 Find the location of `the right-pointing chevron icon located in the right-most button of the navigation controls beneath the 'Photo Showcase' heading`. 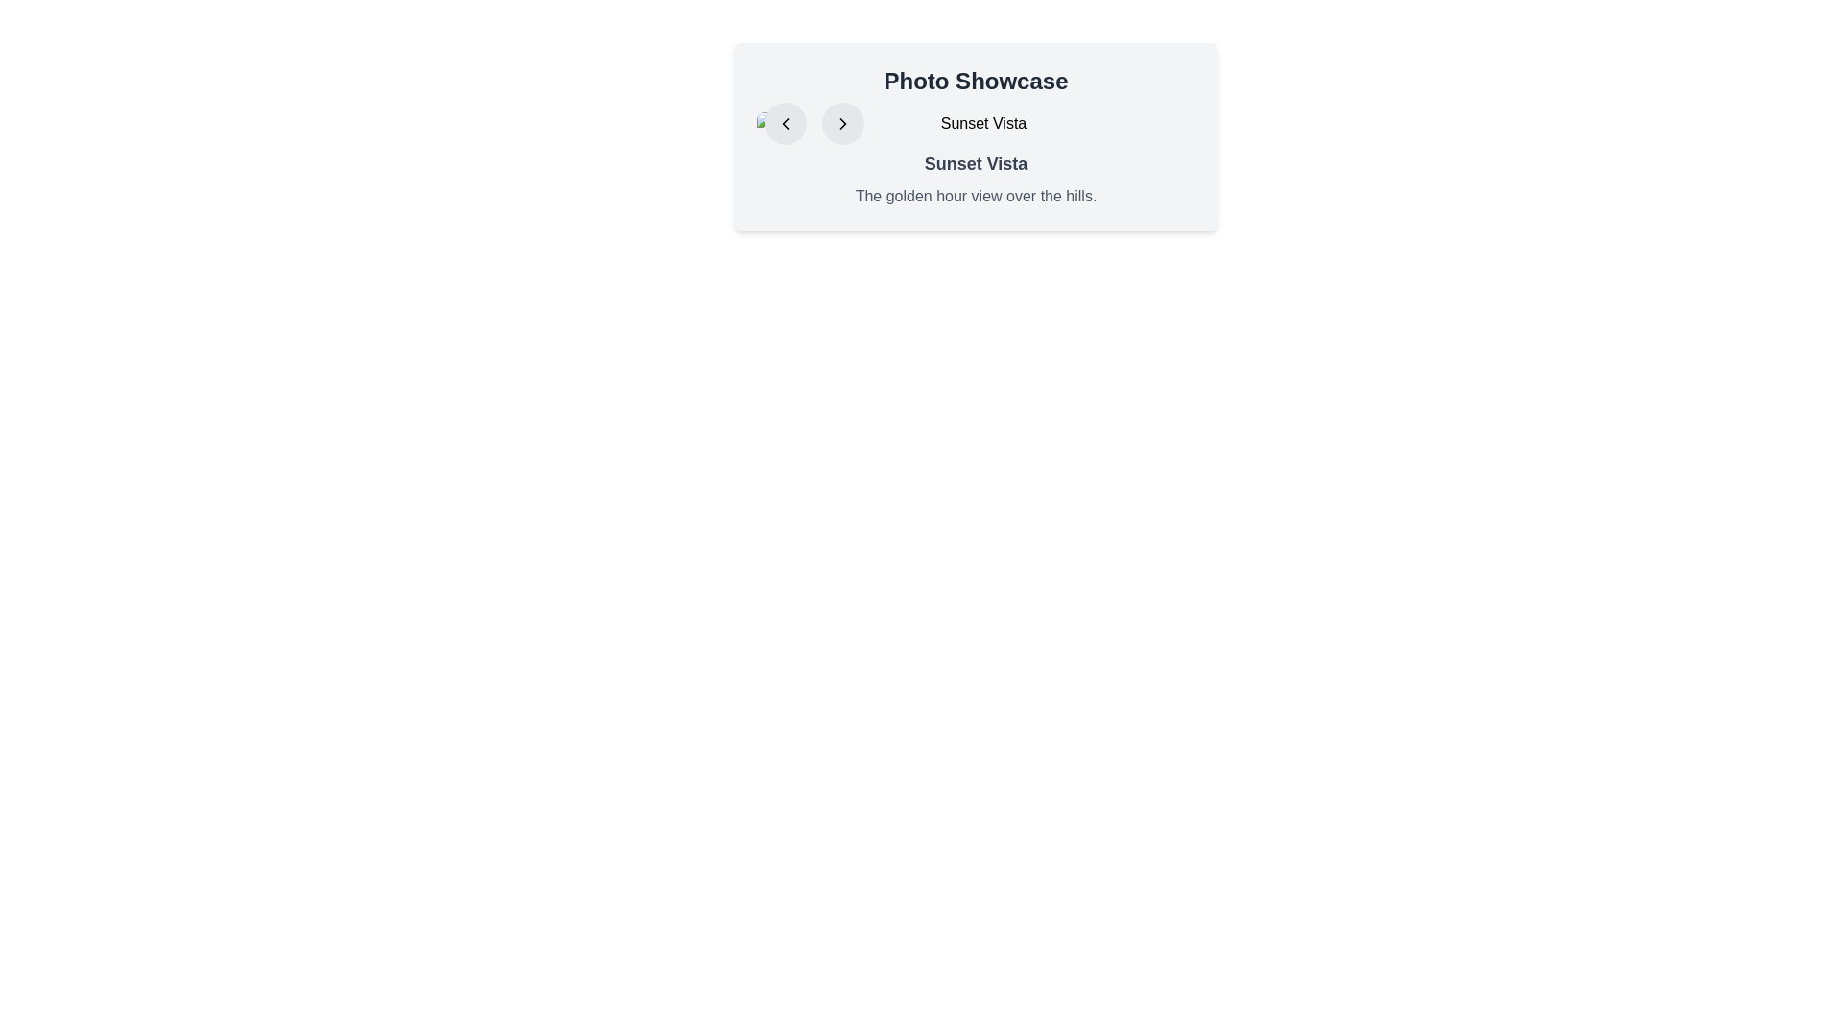

the right-pointing chevron icon located in the right-most button of the navigation controls beneath the 'Photo Showcase' heading is located at coordinates (842, 123).